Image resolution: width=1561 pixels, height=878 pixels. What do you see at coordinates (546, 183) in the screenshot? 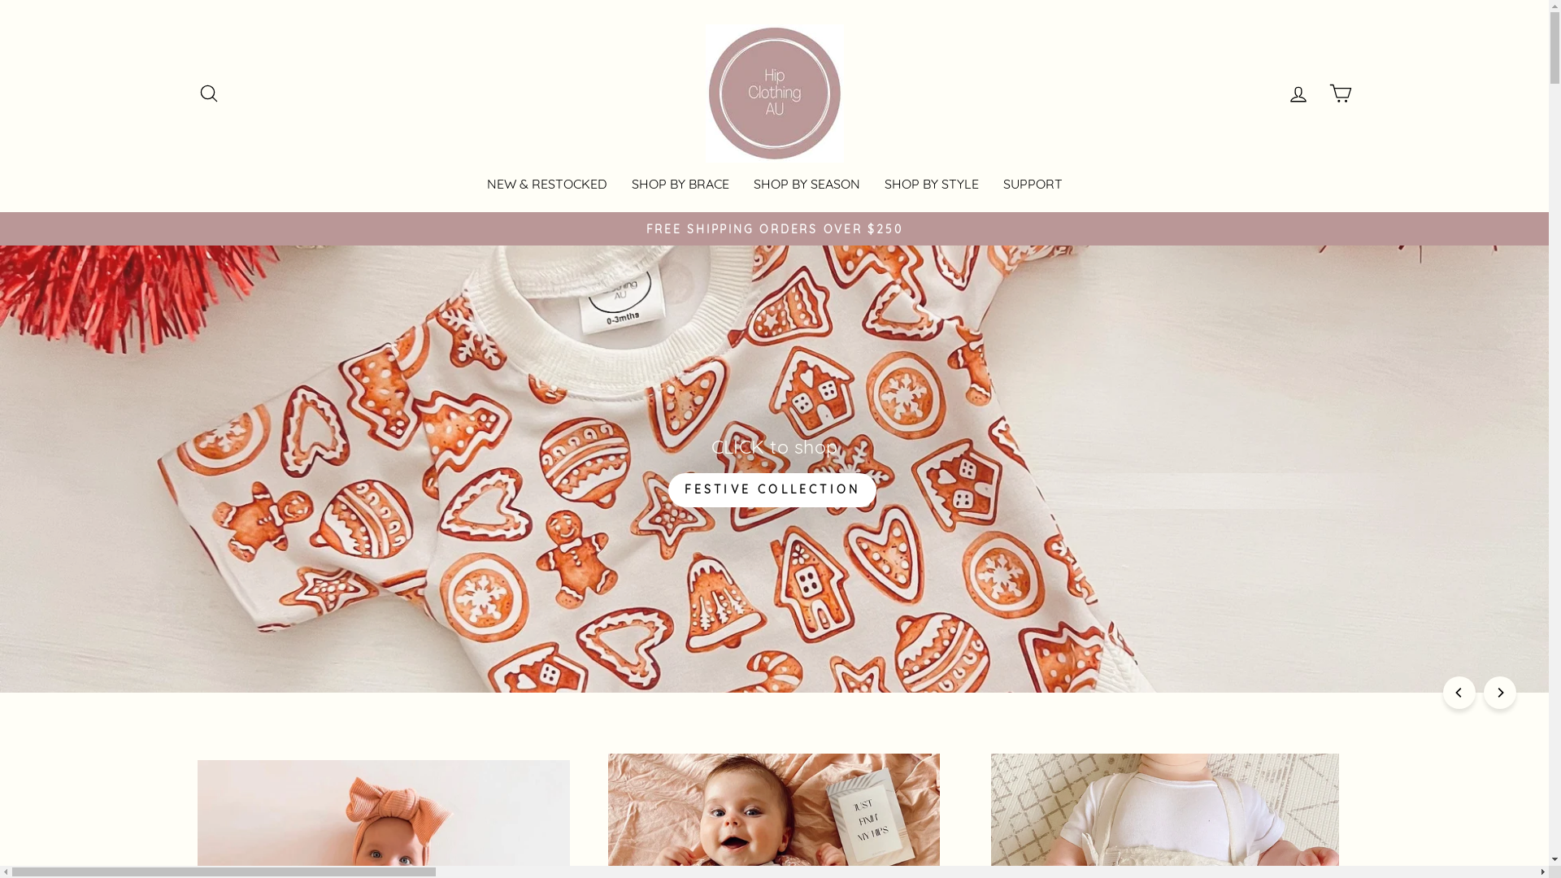
I see `'NEW & RESTOCKED'` at bounding box center [546, 183].